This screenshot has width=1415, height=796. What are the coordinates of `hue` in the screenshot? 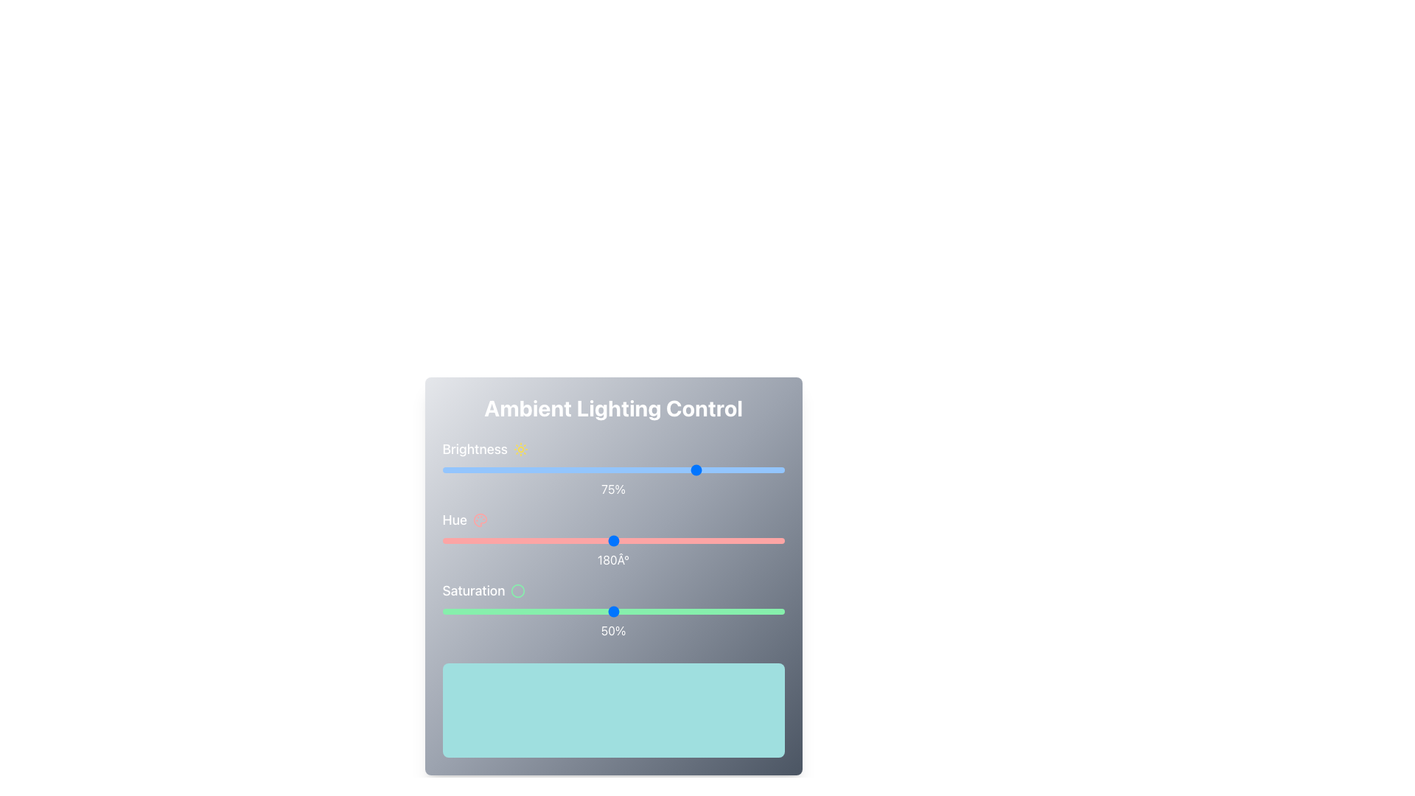 It's located at (640, 540).